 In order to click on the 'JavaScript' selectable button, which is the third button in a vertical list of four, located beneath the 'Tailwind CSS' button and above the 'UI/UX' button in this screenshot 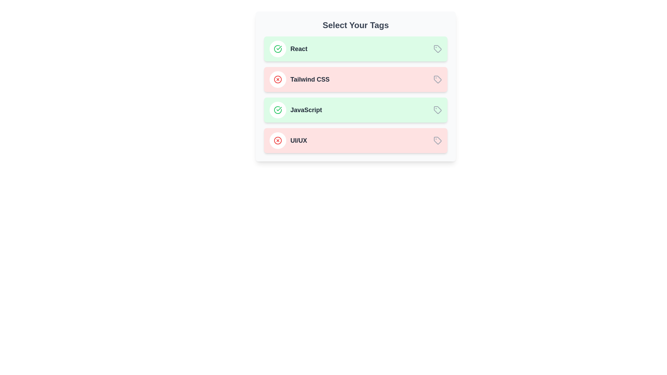, I will do `click(355, 109)`.